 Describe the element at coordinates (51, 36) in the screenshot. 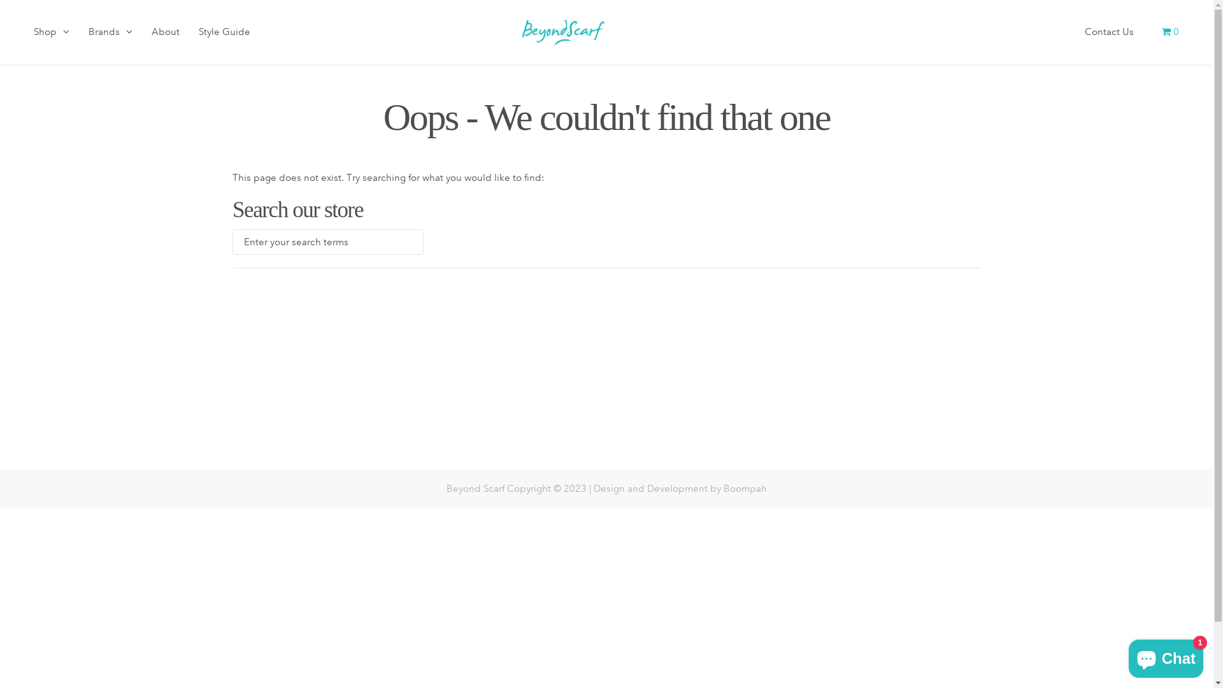

I see `'Shop'` at that location.